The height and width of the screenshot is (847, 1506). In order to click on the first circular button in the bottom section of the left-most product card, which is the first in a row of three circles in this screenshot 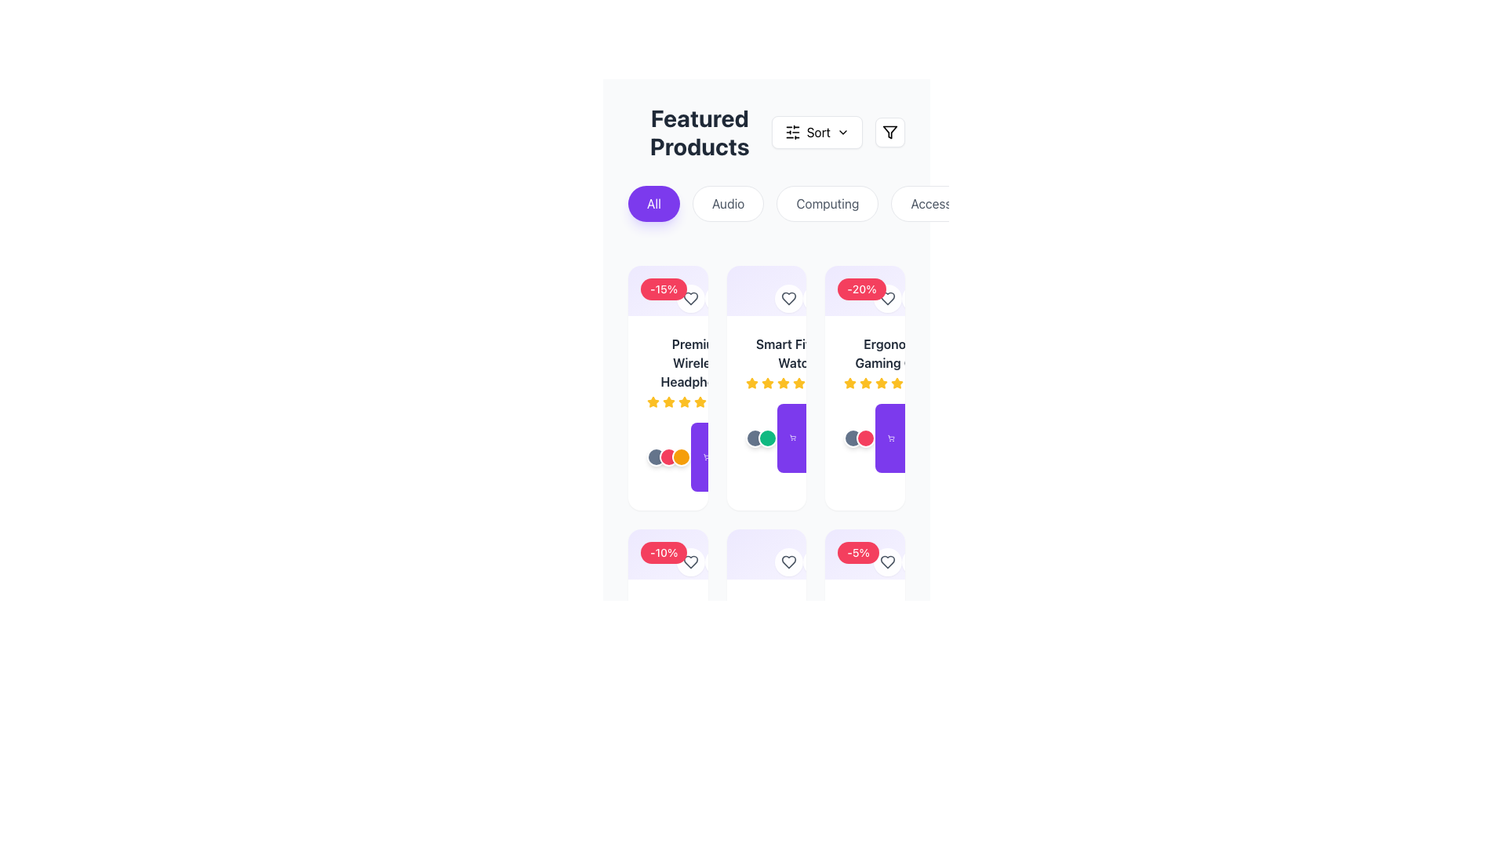, I will do `click(656, 456)`.